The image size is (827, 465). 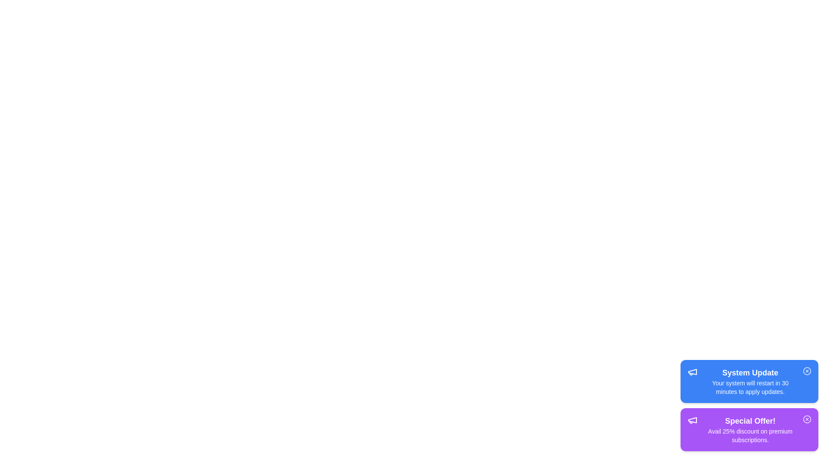 I want to click on the notification card to read its content, so click(x=749, y=381).